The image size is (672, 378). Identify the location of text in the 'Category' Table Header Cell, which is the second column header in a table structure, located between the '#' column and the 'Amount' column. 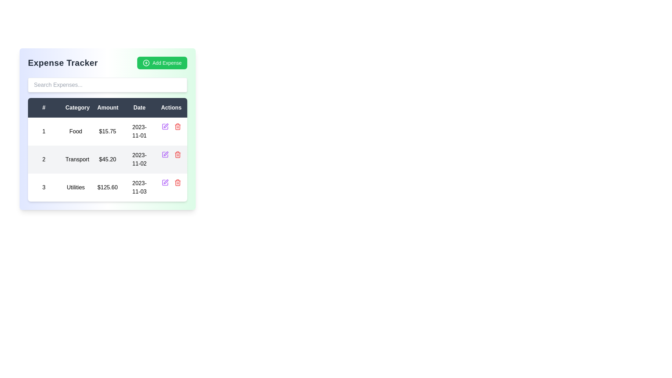
(76, 108).